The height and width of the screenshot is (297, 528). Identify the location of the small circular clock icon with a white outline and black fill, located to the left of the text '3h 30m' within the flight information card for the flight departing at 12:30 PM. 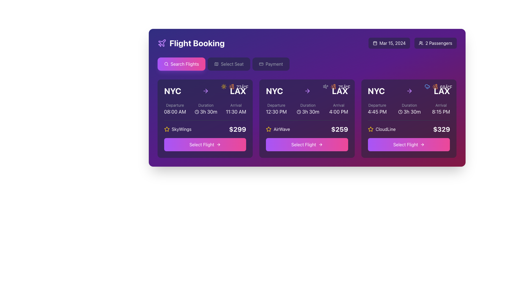
(298, 112).